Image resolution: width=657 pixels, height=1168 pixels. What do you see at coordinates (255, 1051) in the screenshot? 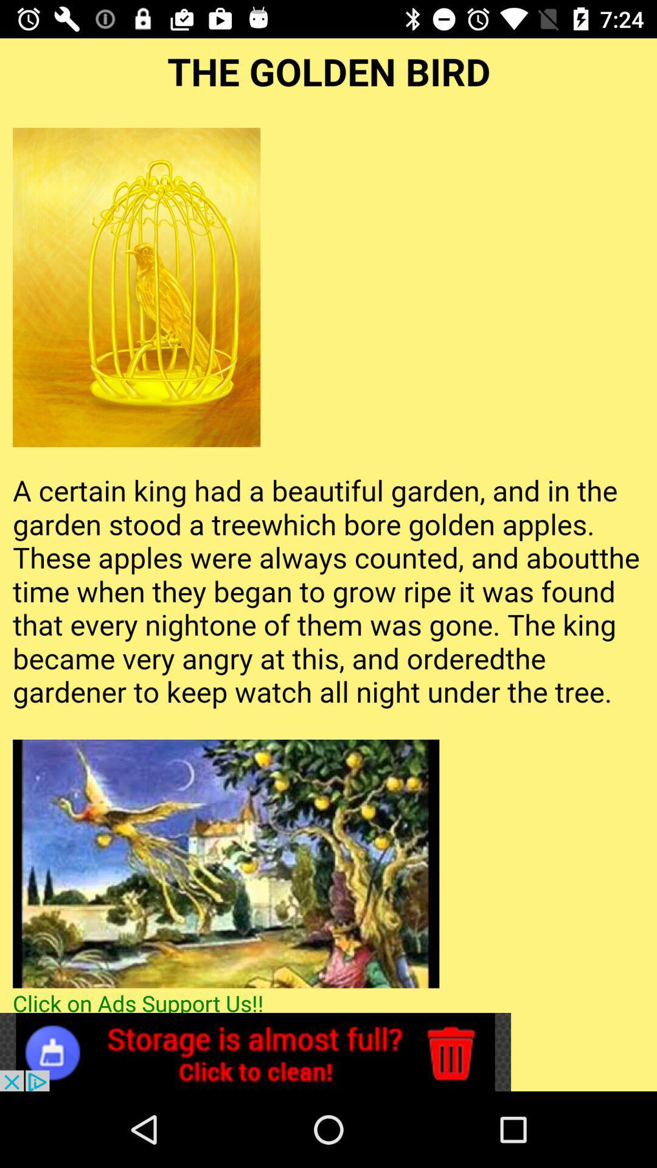
I see `open advertisement` at bounding box center [255, 1051].